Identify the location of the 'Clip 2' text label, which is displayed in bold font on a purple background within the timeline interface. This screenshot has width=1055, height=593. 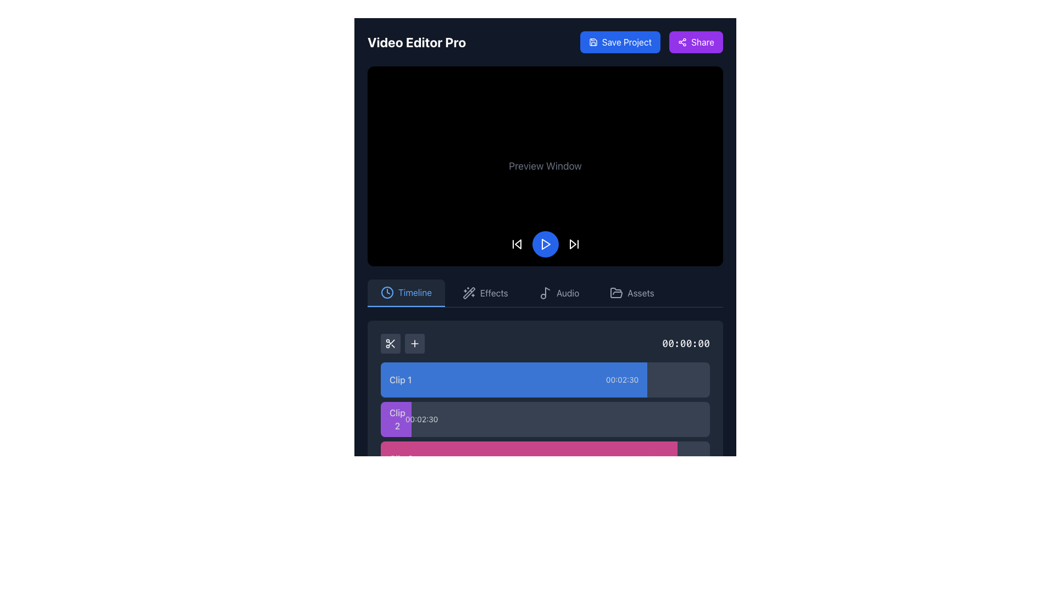
(397, 419).